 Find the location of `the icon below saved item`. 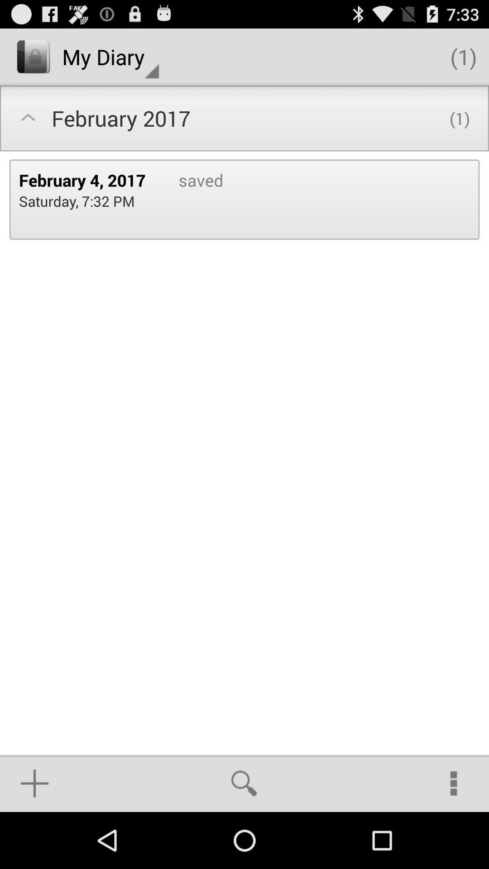

the icon below saved item is located at coordinates (244, 783).